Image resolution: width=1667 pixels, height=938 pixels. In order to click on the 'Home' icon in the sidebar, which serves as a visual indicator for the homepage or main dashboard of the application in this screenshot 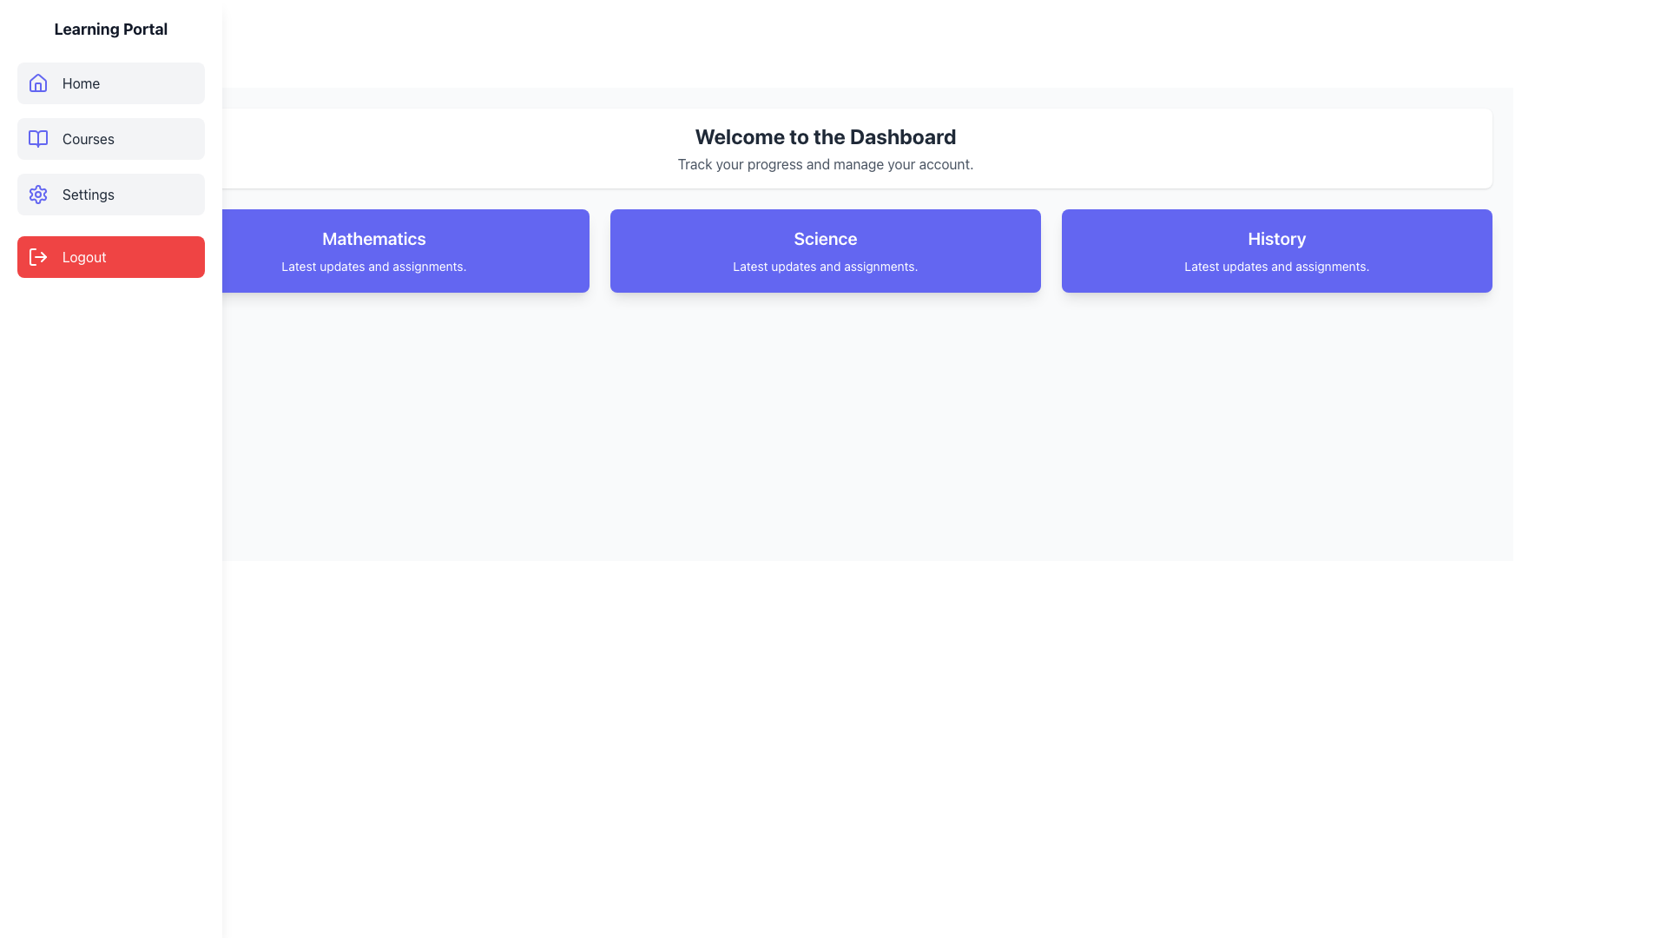, I will do `click(37, 83)`.